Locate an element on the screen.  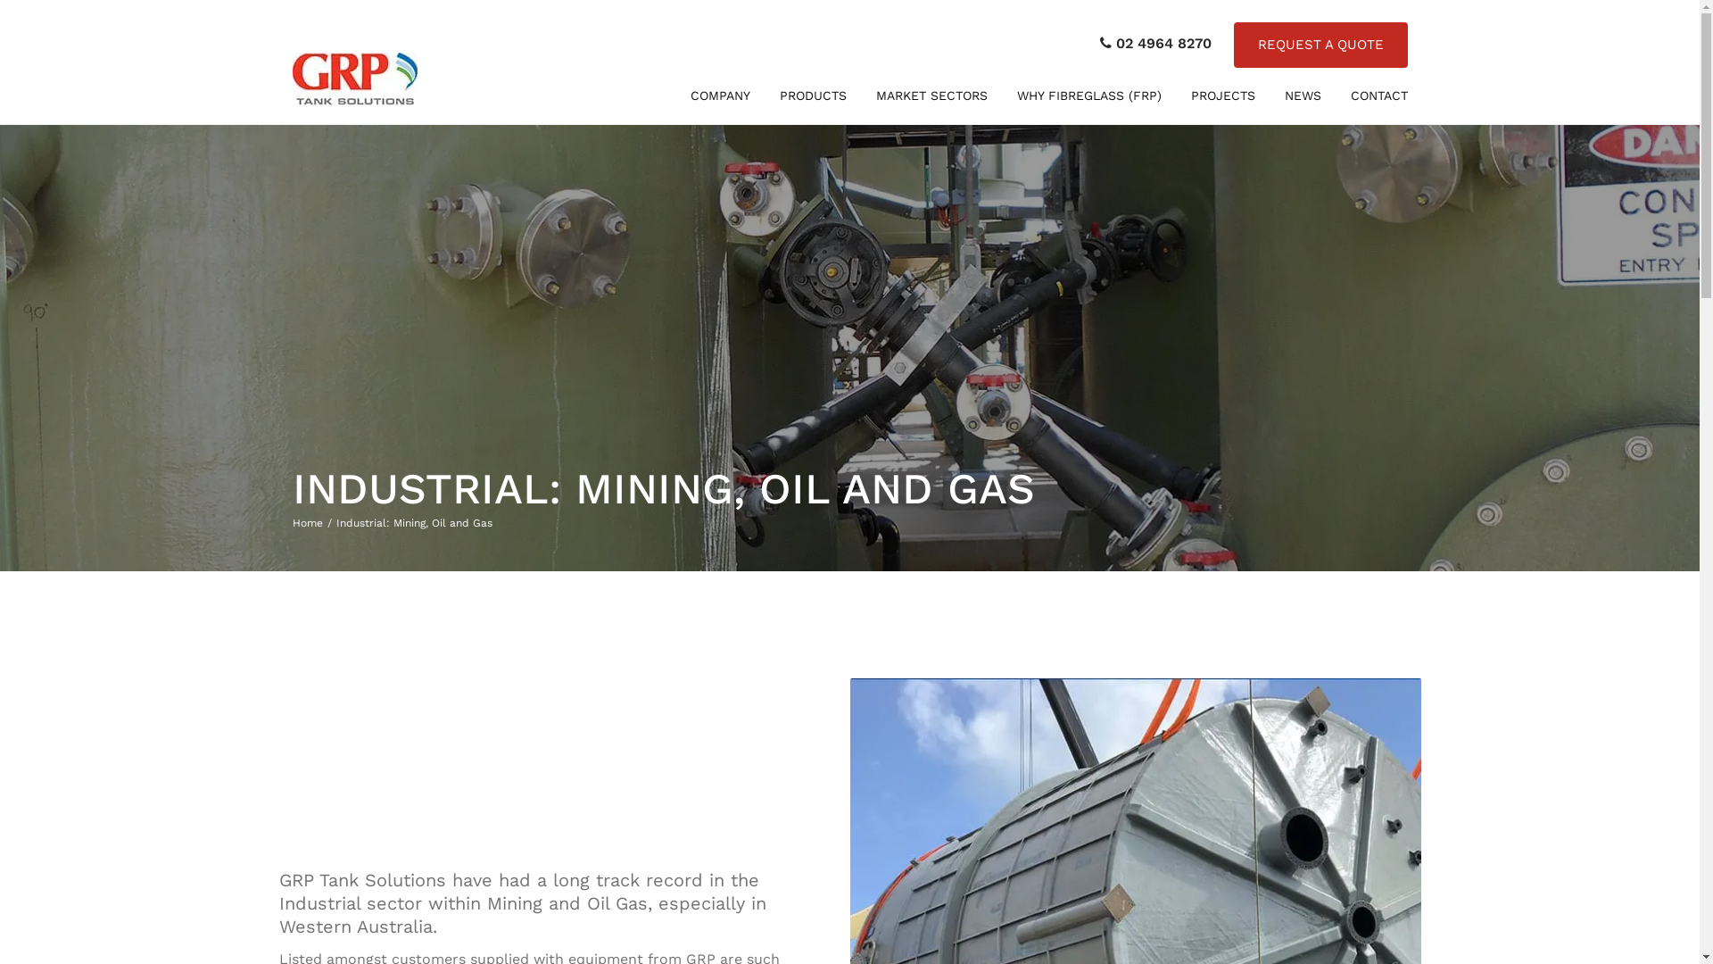
'Home' is located at coordinates (292, 522).